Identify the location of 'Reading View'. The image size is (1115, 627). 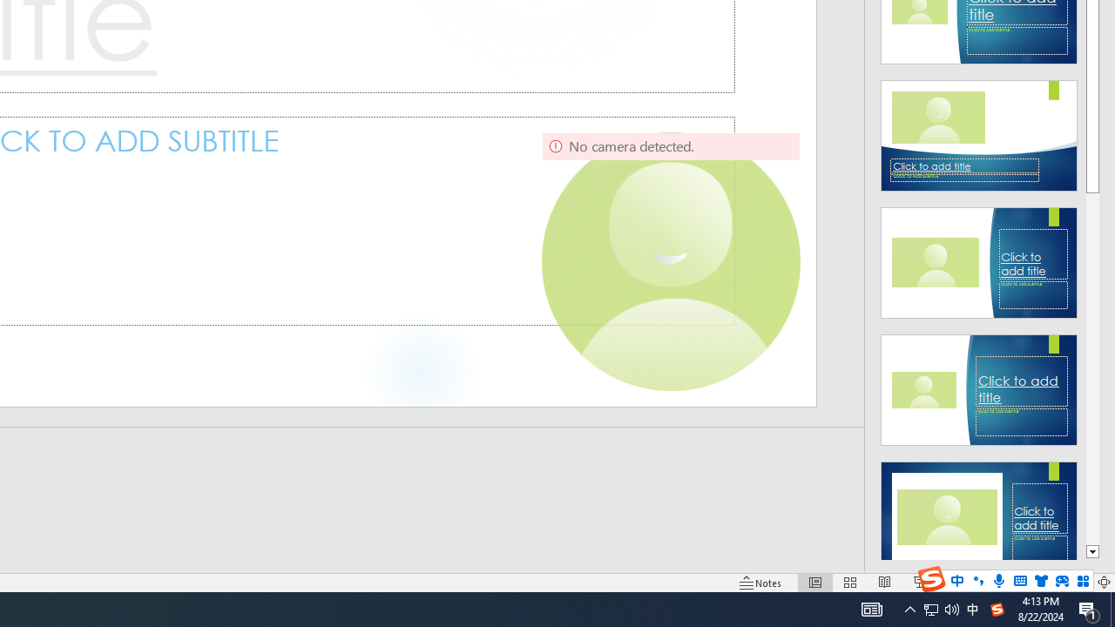
(884, 583).